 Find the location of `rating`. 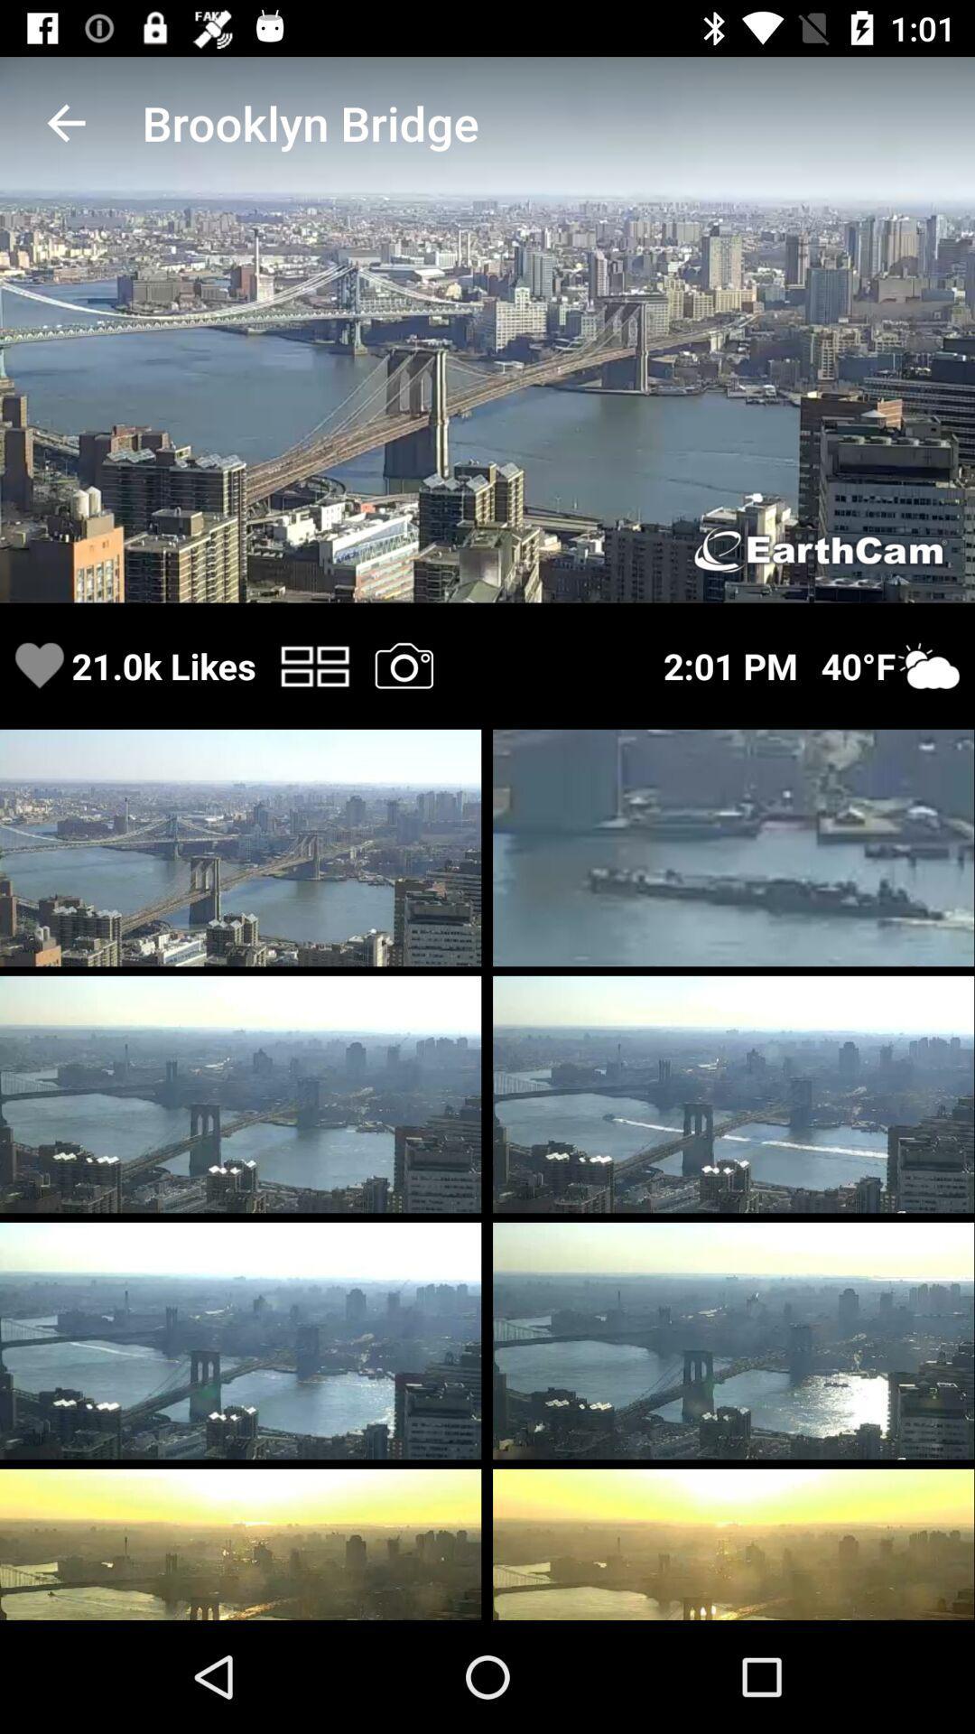

rating is located at coordinates (39, 665).